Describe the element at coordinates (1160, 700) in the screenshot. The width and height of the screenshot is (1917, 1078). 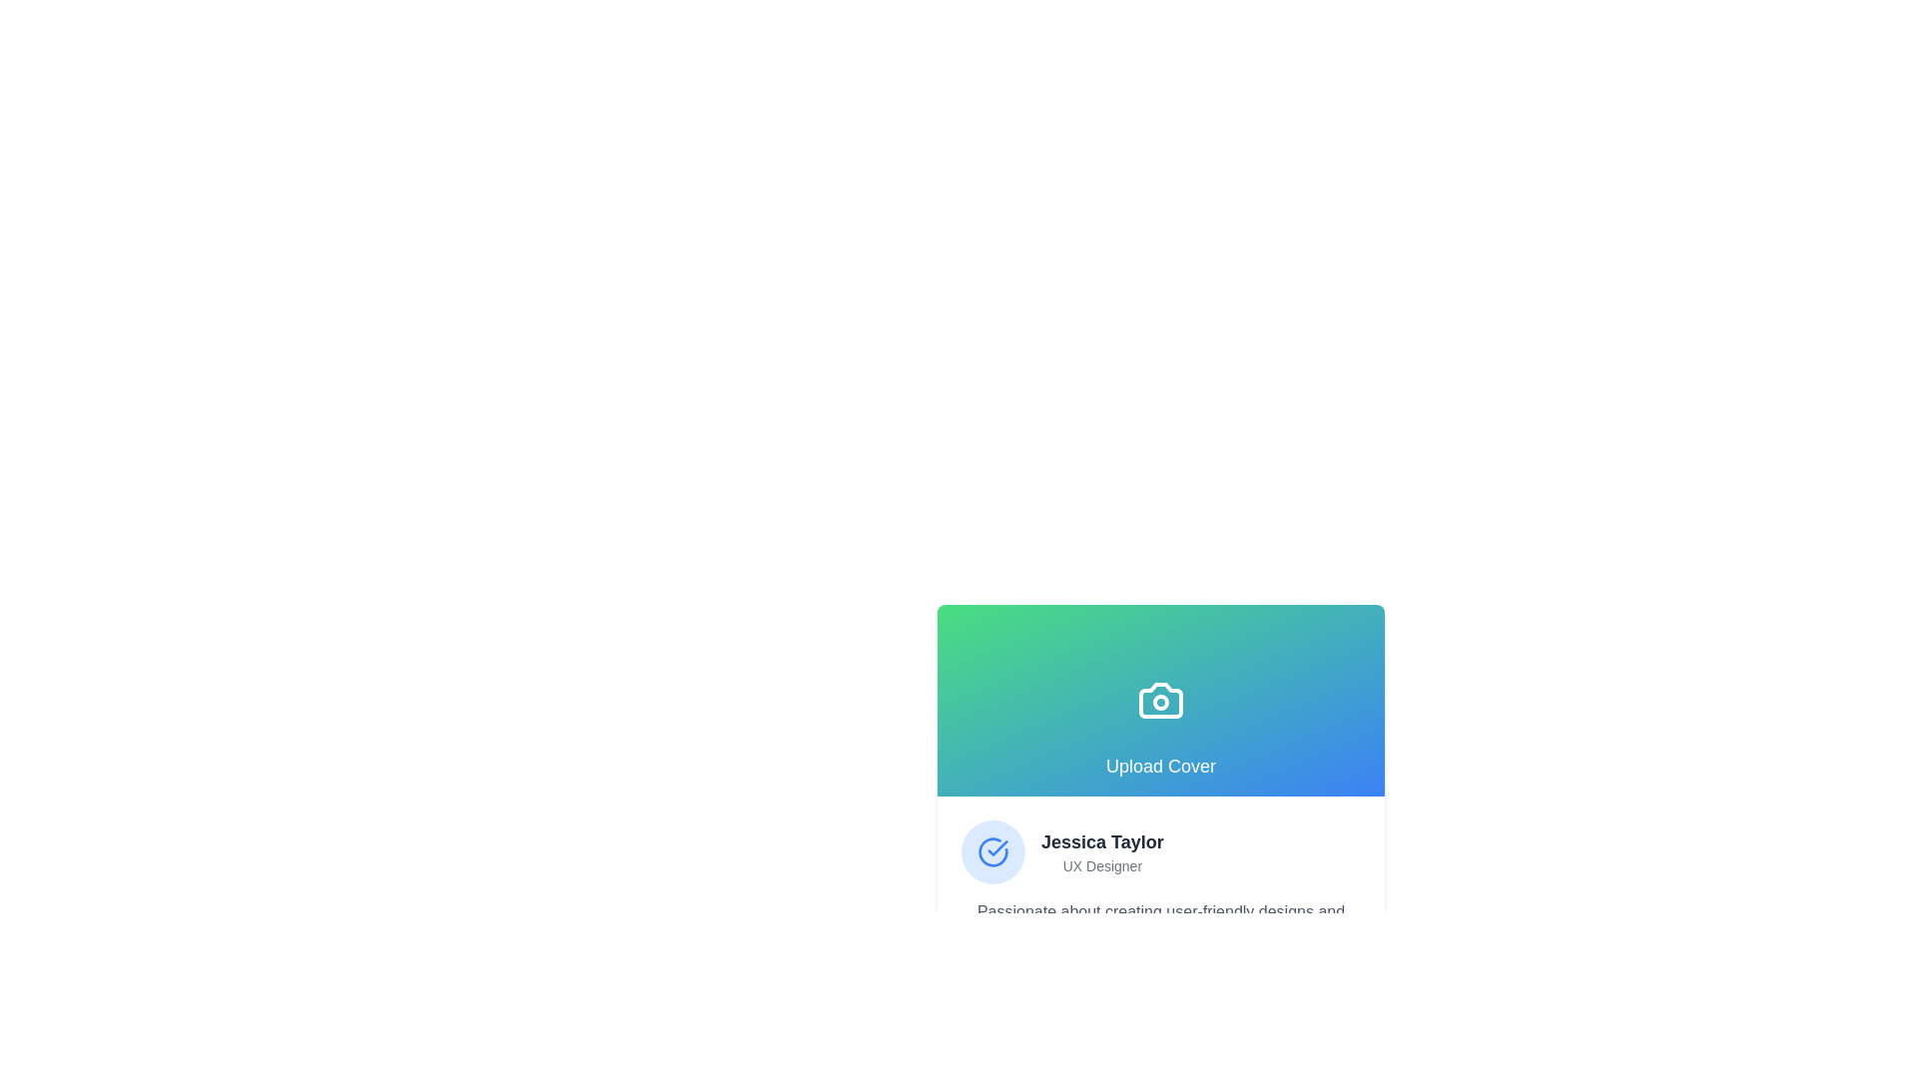
I see `the interactive placeholder for uploading a cover image, located above the text 'Jessica Taylor,' 'UX Designer,' and additional description elements` at that location.